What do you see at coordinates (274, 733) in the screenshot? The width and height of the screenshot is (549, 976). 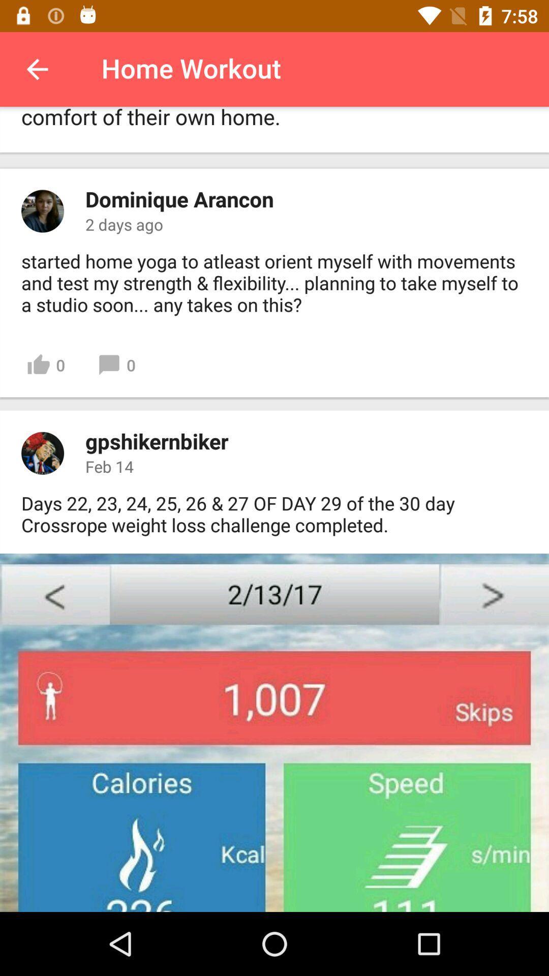 I see `workout points` at bounding box center [274, 733].